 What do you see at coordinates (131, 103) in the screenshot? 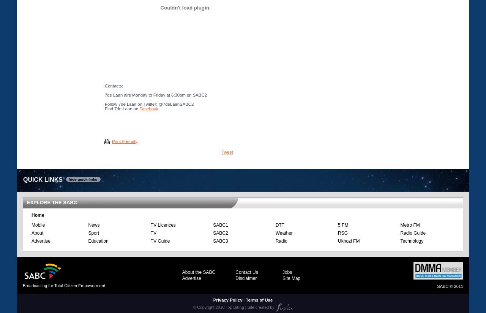
I see `'Follow 7de Laan on Twitter:'` at bounding box center [131, 103].